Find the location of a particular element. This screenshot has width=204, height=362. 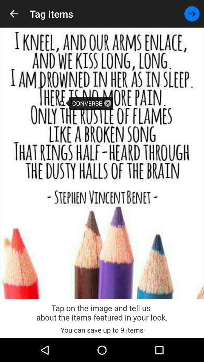

suggestion is located at coordinates (107, 103).